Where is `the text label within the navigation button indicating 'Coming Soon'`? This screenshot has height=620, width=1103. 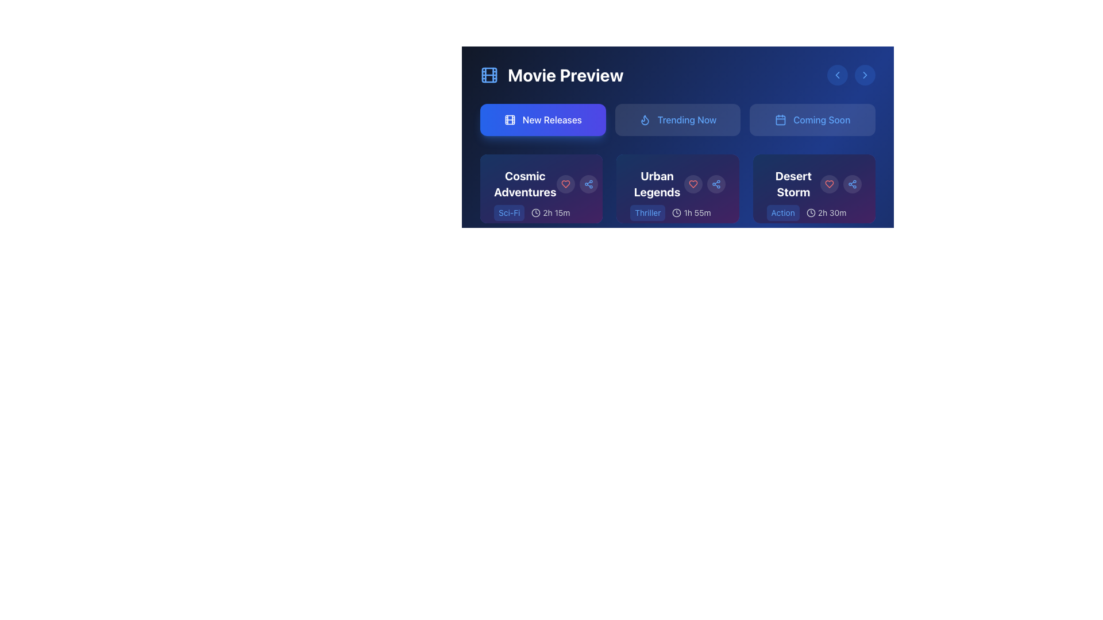 the text label within the navigation button indicating 'Coming Soon' is located at coordinates (821, 119).